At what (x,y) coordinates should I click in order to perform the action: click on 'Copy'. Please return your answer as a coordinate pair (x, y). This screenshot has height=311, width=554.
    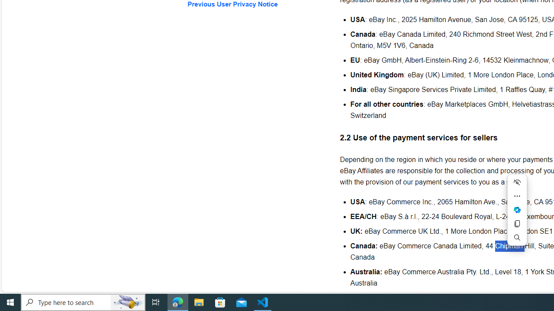
    Looking at the image, I should click on (517, 223).